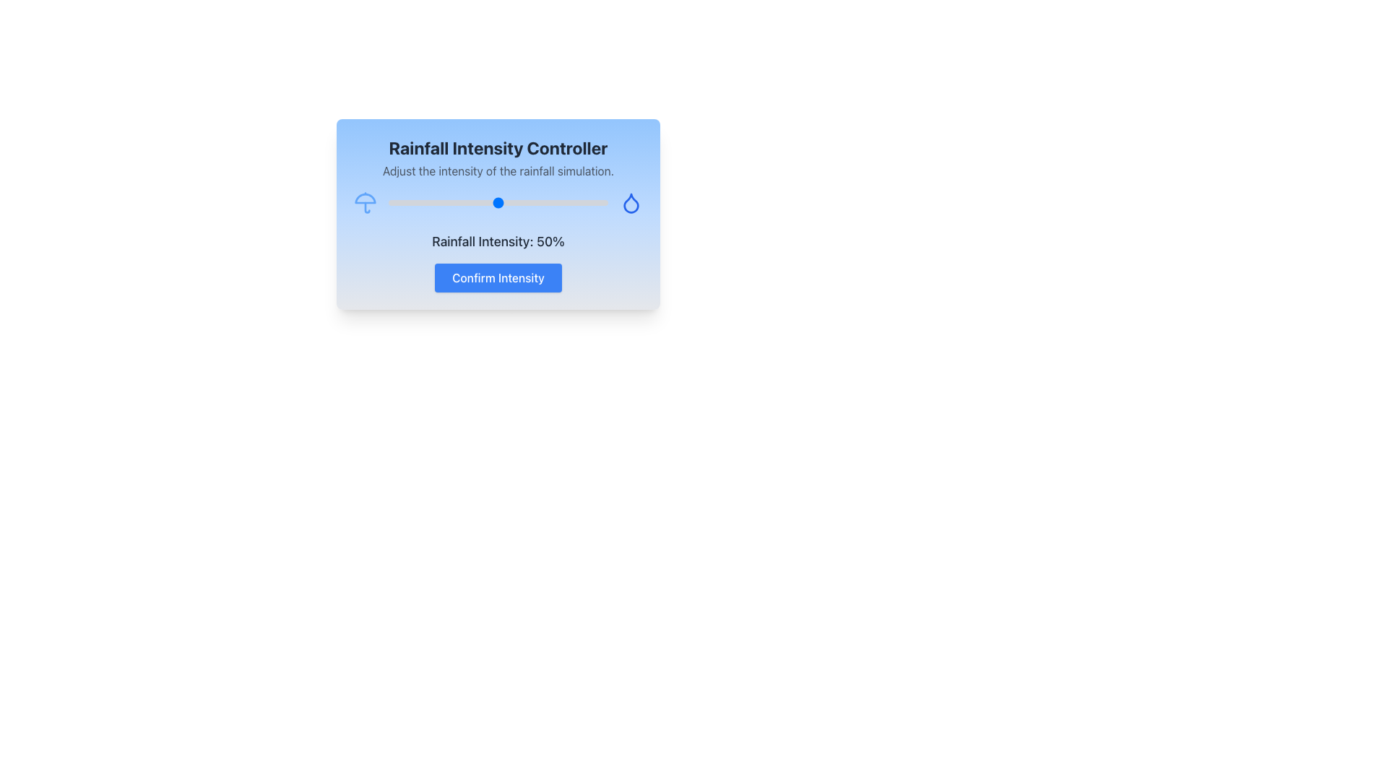 The width and height of the screenshot is (1387, 780). What do you see at coordinates (485, 203) in the screenshot?
I see `the rainfall intensity` at bounding box center [485, 203].